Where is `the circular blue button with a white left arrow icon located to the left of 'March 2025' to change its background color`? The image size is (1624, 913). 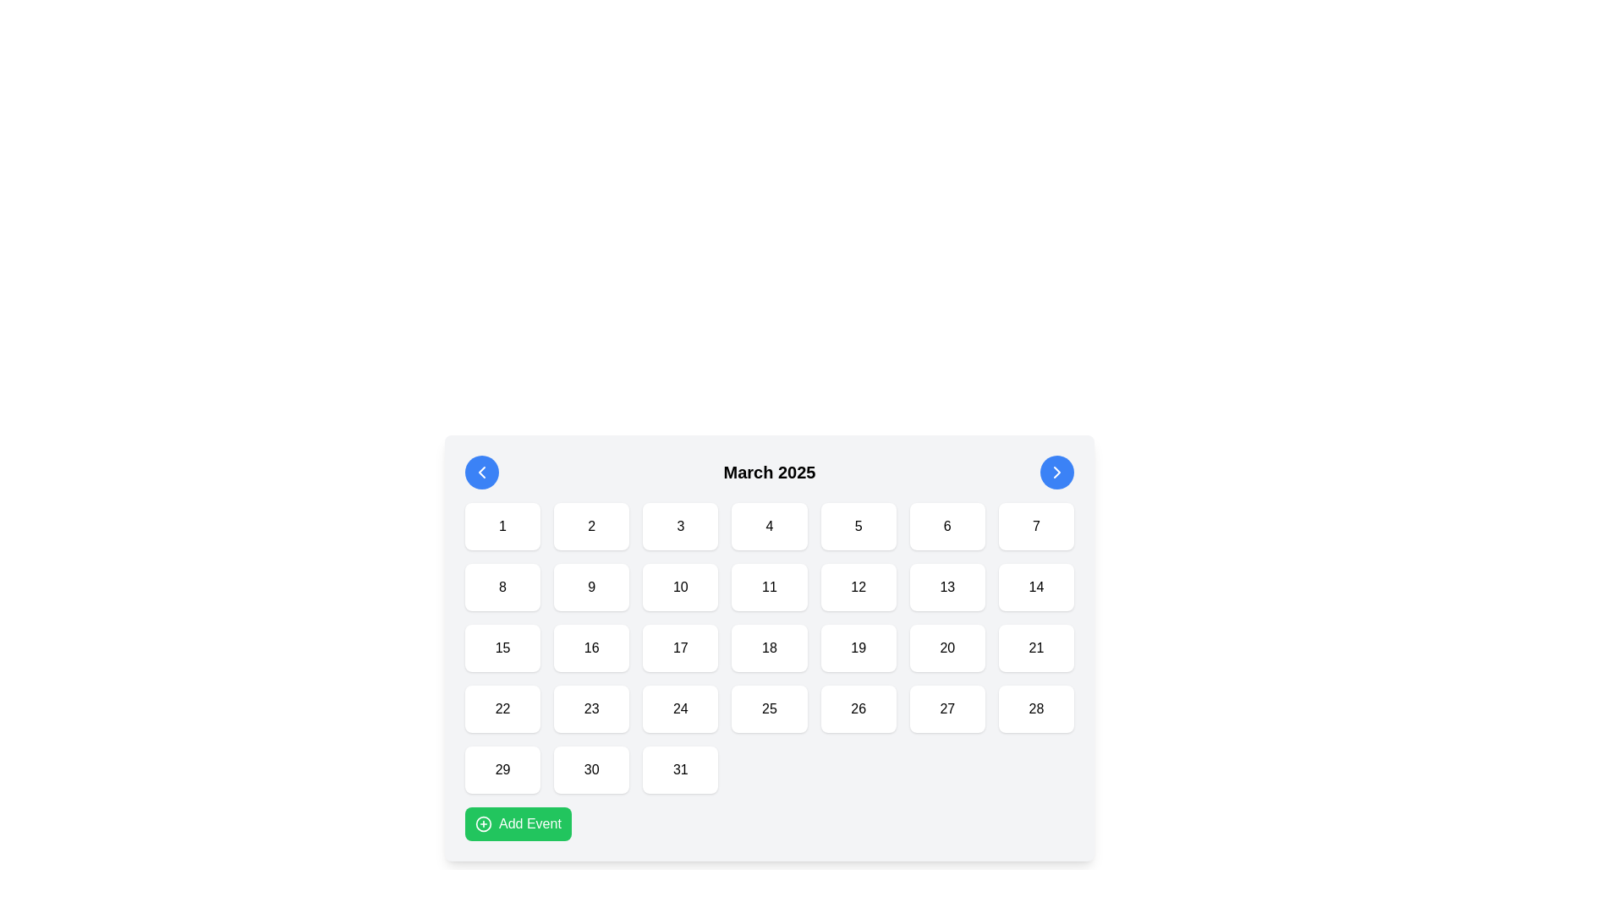 the circular blue button with a white left arrow icon located to the left of 'March 2025' to change its background color is located at coordinates (481, 473).